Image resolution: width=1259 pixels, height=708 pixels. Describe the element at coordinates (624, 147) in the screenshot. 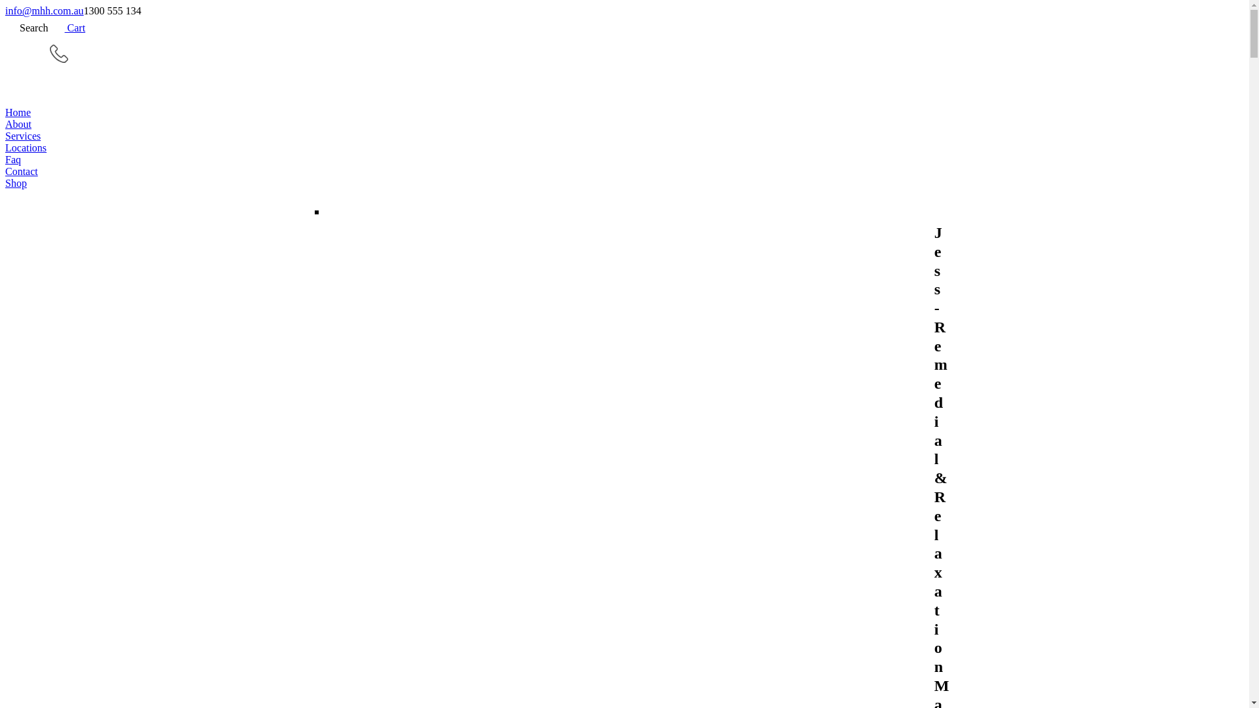

I see `'Locations'` at that location.